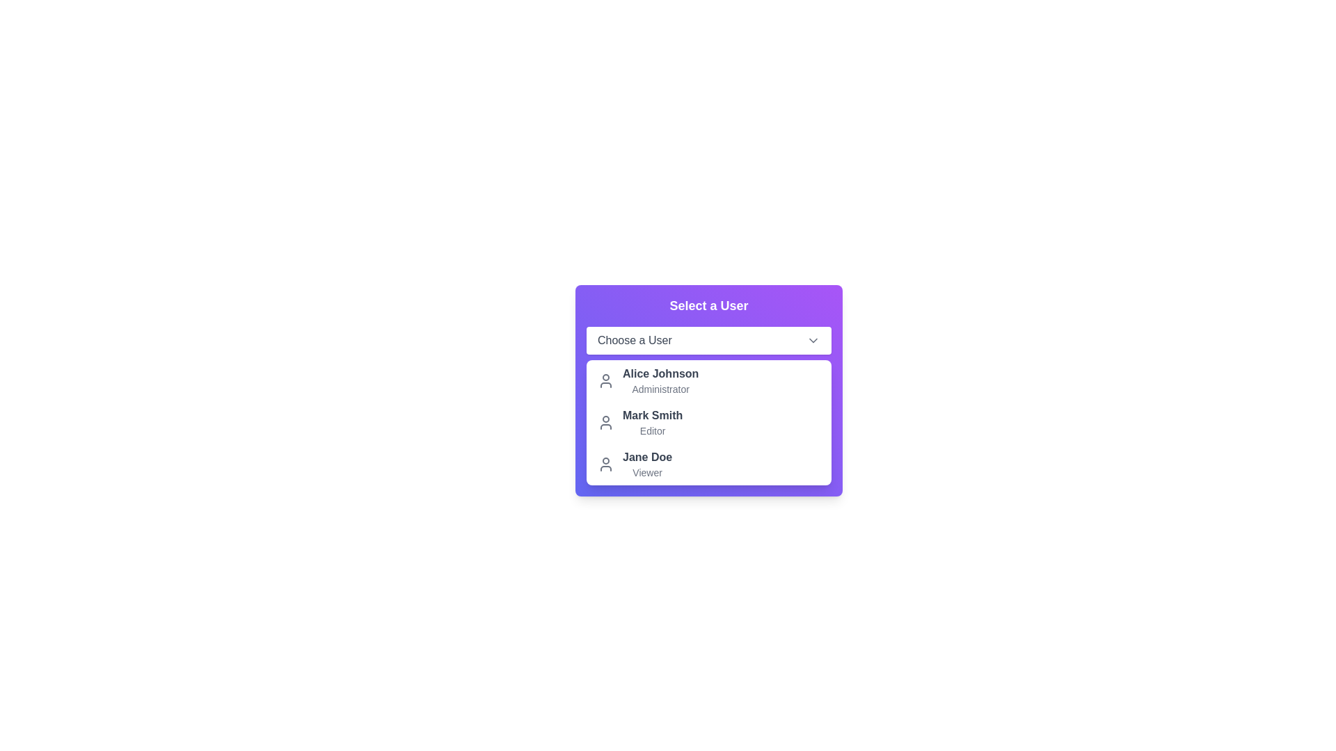 The height and width of the screenshot is (751, 1336). What do you see at coordinates (605, 464) in the screenshot?
I see `the user icon representing 'Jane Doe', which is the third icon in the list, located to the left of 'Jane Doe Viewer'` at bounding box center [605, 464].